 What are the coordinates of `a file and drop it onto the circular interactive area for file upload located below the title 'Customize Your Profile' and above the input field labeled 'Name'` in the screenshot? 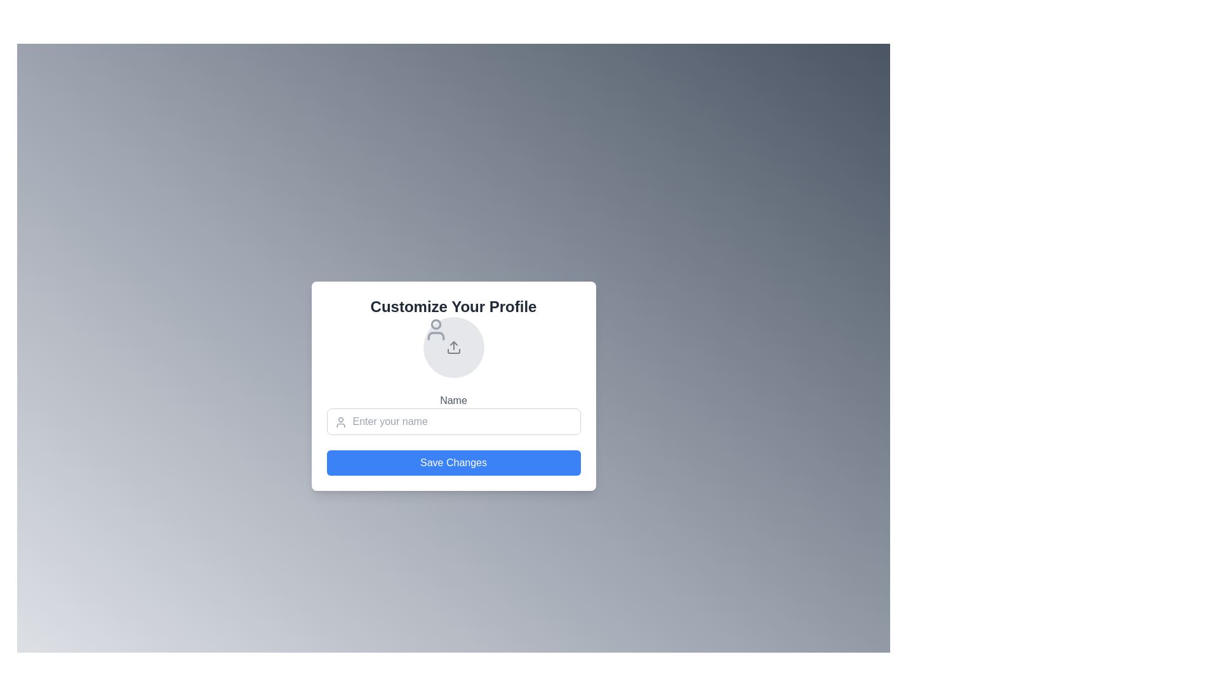 It's located at (453, 347).